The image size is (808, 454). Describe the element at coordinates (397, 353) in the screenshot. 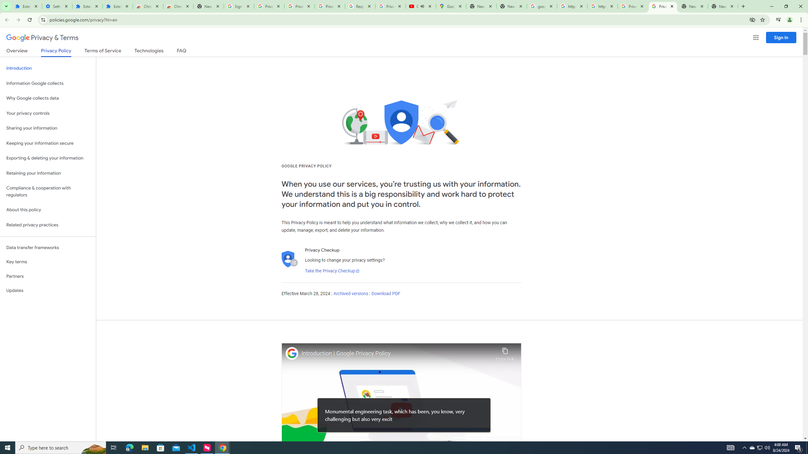

I see `'Introduction | Google Privacy Policy'` at that location.